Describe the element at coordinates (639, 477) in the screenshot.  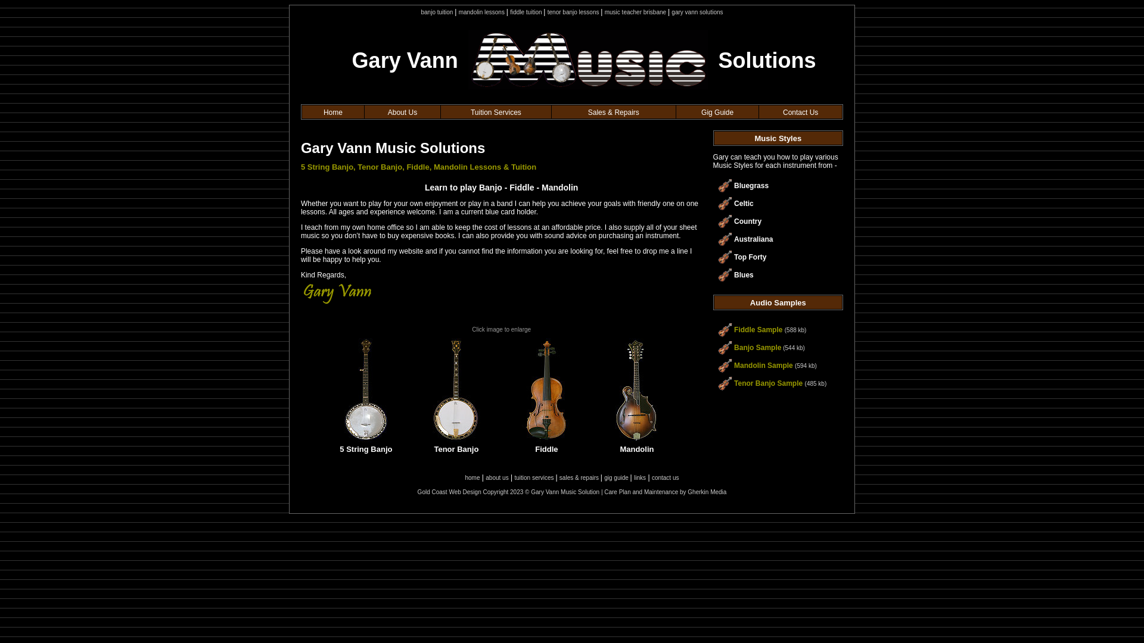
I see `'links'` at that location.